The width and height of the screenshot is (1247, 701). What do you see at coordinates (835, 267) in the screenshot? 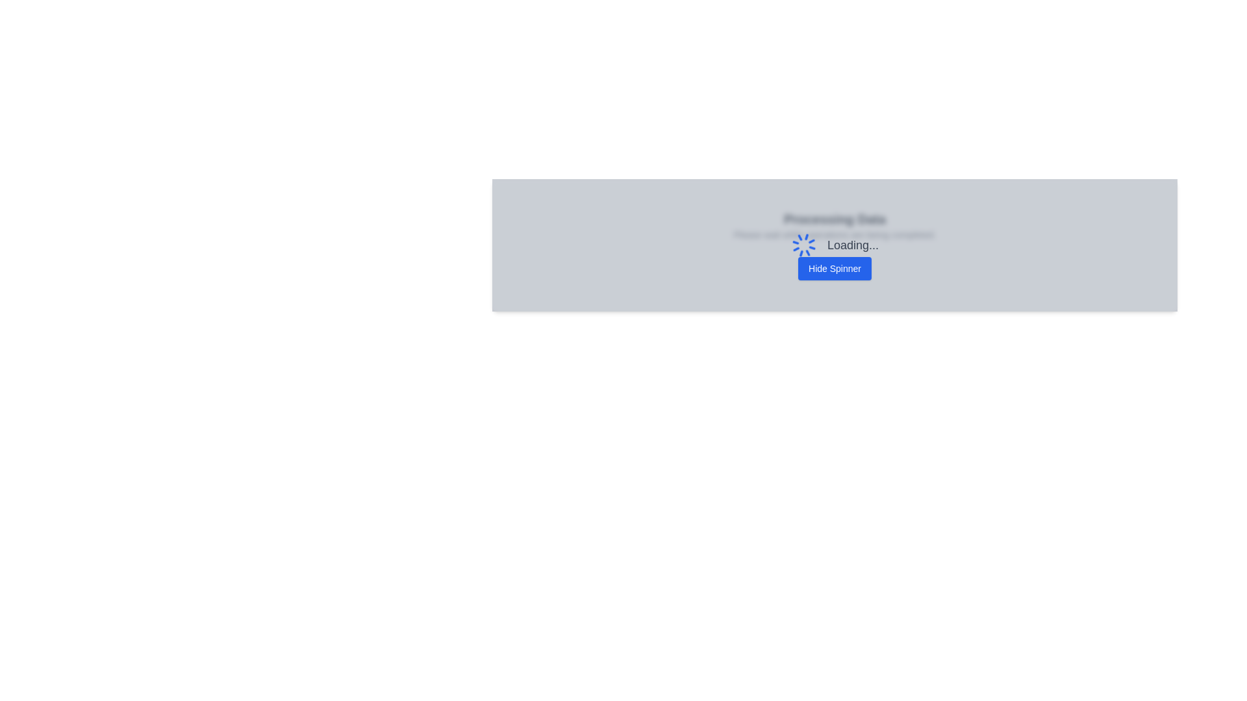
I see `the button located at the bottom of the modal dialog` at bounding box center [835, 267].